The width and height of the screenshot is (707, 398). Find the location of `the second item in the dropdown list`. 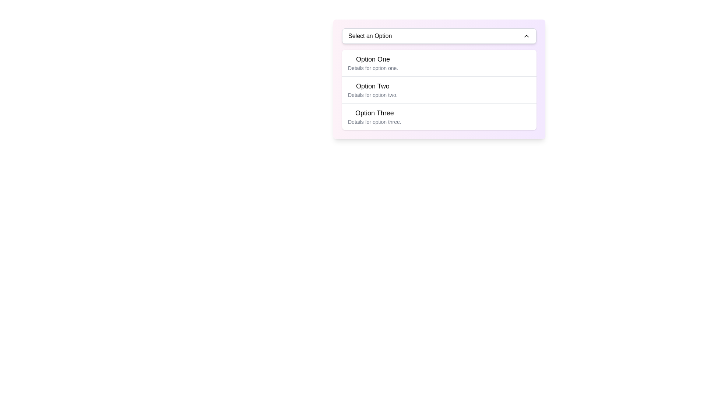

the second item in the dropdown list is located at coordinates (439, 89).